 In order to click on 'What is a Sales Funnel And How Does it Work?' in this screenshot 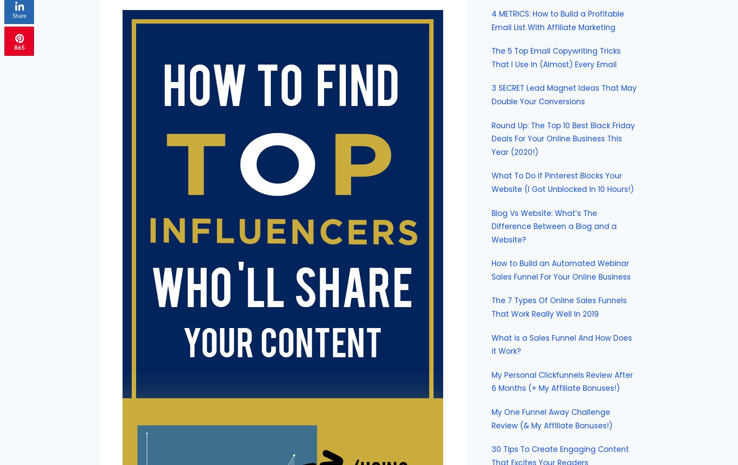, I will do `click(561, 344)`.